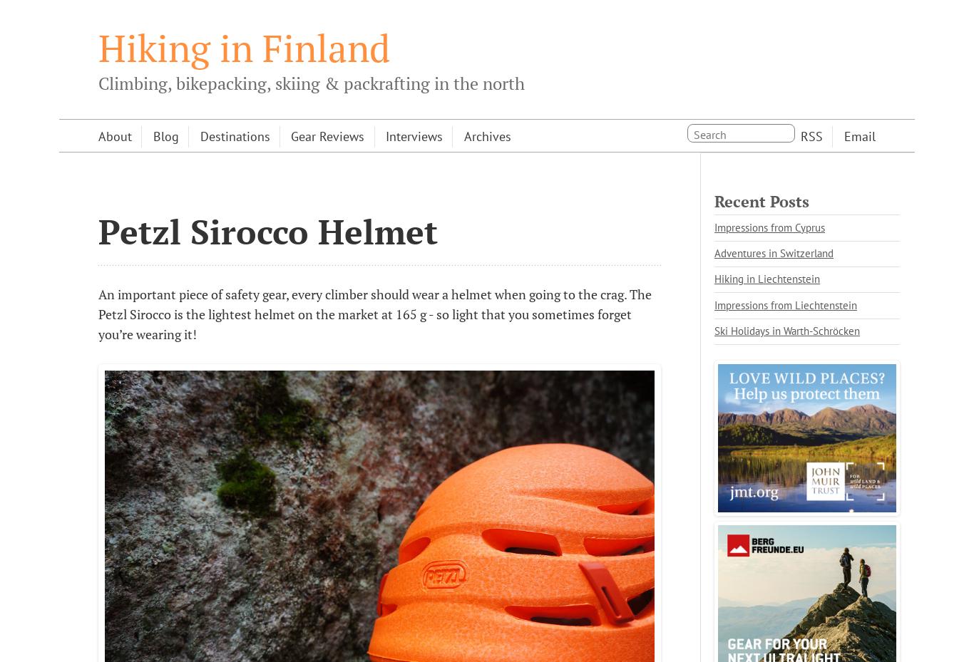 The width and height of the screenshot is (974, 662). What do you see at coordinates (327, 135) in the screenshot?
I see `'Gear Reviews'` at bounding box center [327, 135].